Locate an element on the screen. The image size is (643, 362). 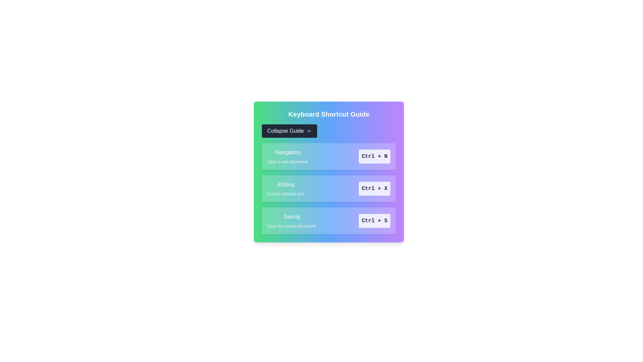
the highlighted Text Label that describes the keyboard shortcut 'Ctrl + X' for the 'Cut' action, which is the second entry in a vertical list is located at coordinates (286, 189).